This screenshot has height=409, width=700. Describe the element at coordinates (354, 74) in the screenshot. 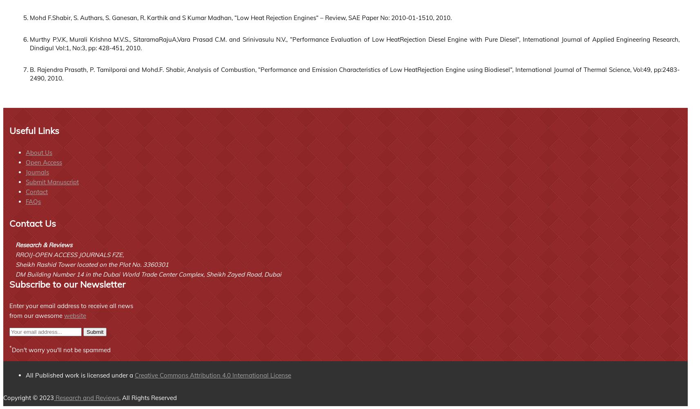

I see `'B. Rajendra Prasath, P. Tamilporai and Mohd.F. Shabir, Analysis of Combustion, “Performance and Emission Characteristics of Low HeatRejection Engine using Biodiesel“, International Journal of Thermal Science, Vol:49, pp:2483-2490, 2010.'` at that location.